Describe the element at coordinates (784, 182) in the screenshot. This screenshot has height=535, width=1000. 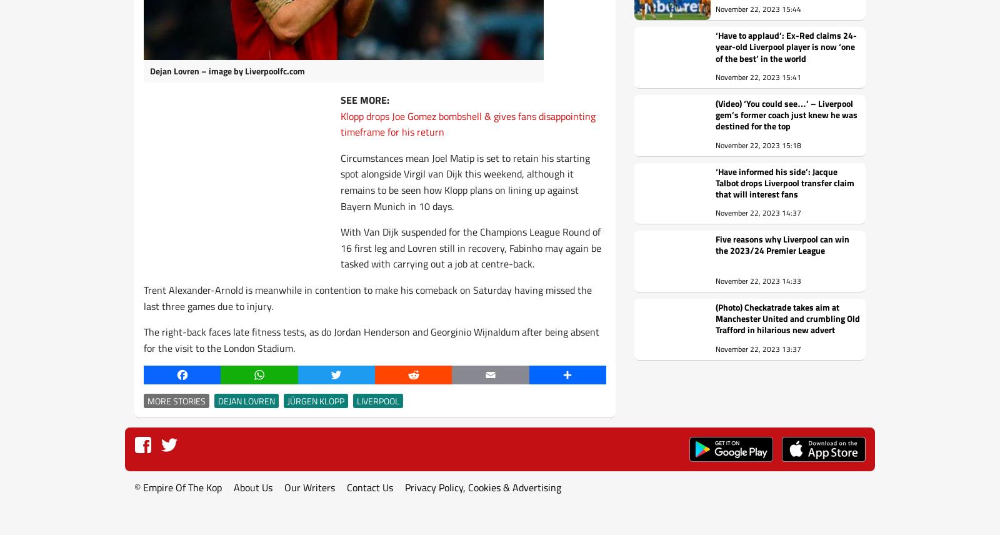
I see `'‘Have informed his side’: Jacque Talbot drops Liverpool transfer claim that will interest fans'` at that location.